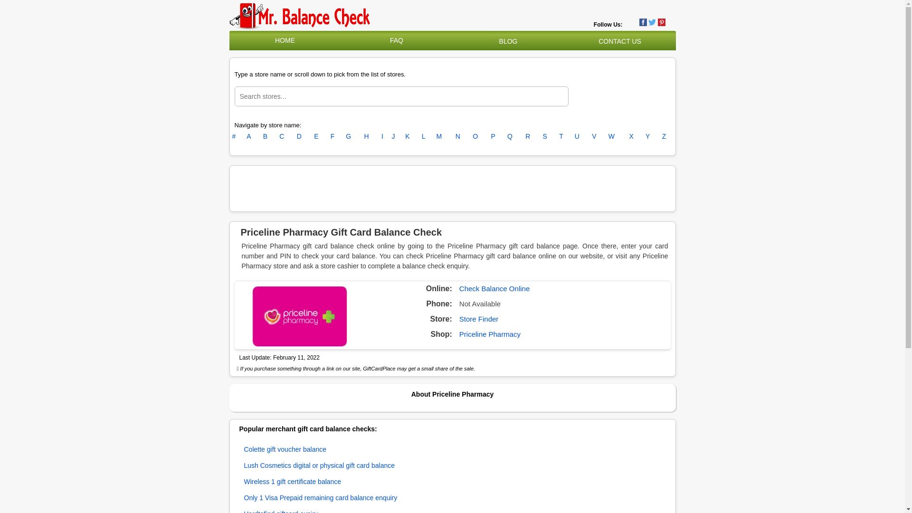  Describe the element at coordinates (319, 465) in the screenshot. I see `'Lush Cosmetics digital or physical gift card balance'` at that location.